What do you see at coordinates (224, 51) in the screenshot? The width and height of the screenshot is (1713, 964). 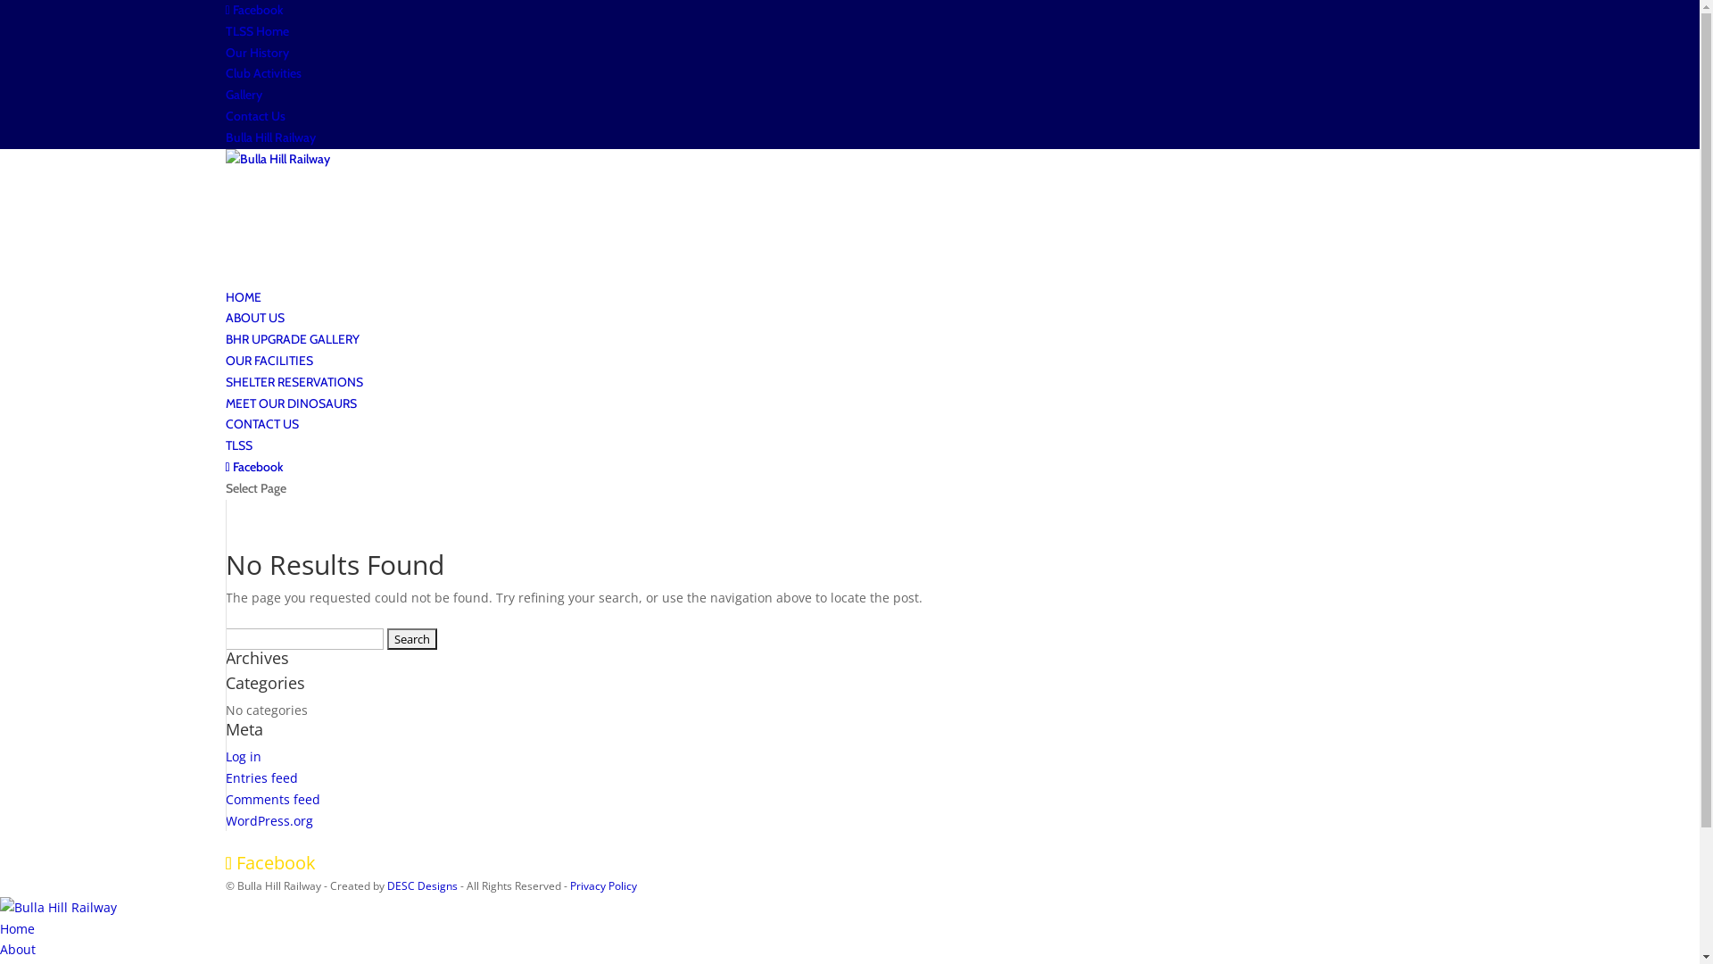 I see `'Our History'` at bounding box center [224, 51].